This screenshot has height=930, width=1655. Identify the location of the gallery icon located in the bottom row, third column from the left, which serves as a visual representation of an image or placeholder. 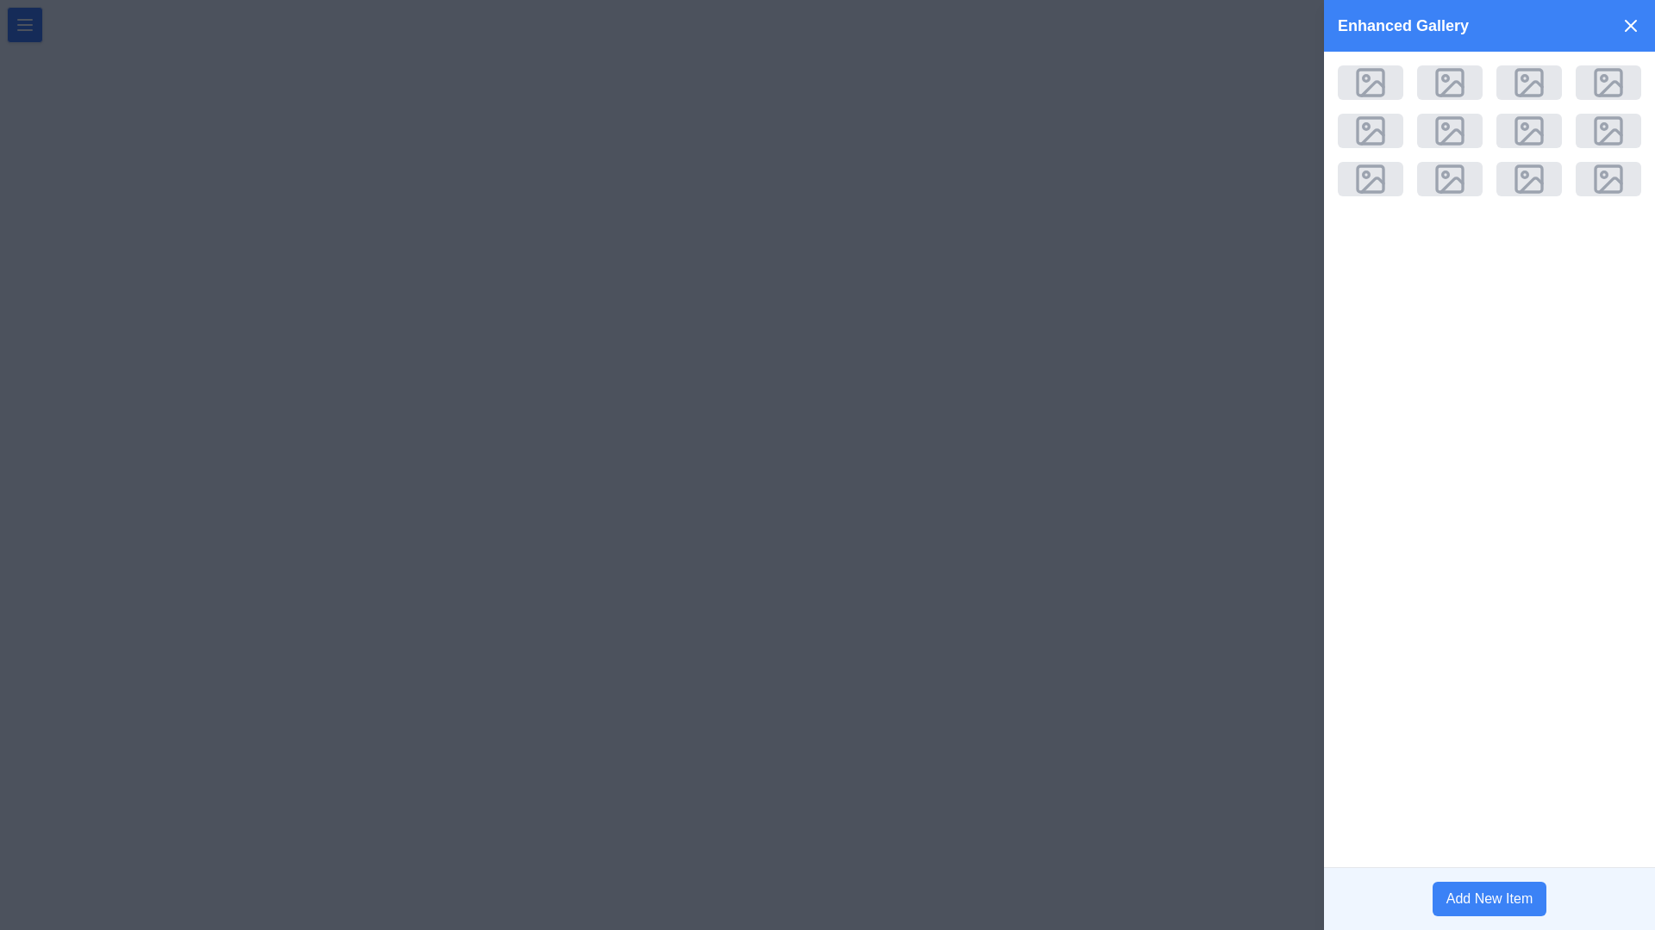
(1529, 179).